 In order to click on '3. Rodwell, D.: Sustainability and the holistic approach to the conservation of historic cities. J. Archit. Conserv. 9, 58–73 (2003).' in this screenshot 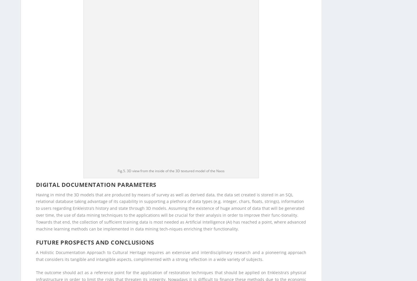, I will do `click(157, 263)`.